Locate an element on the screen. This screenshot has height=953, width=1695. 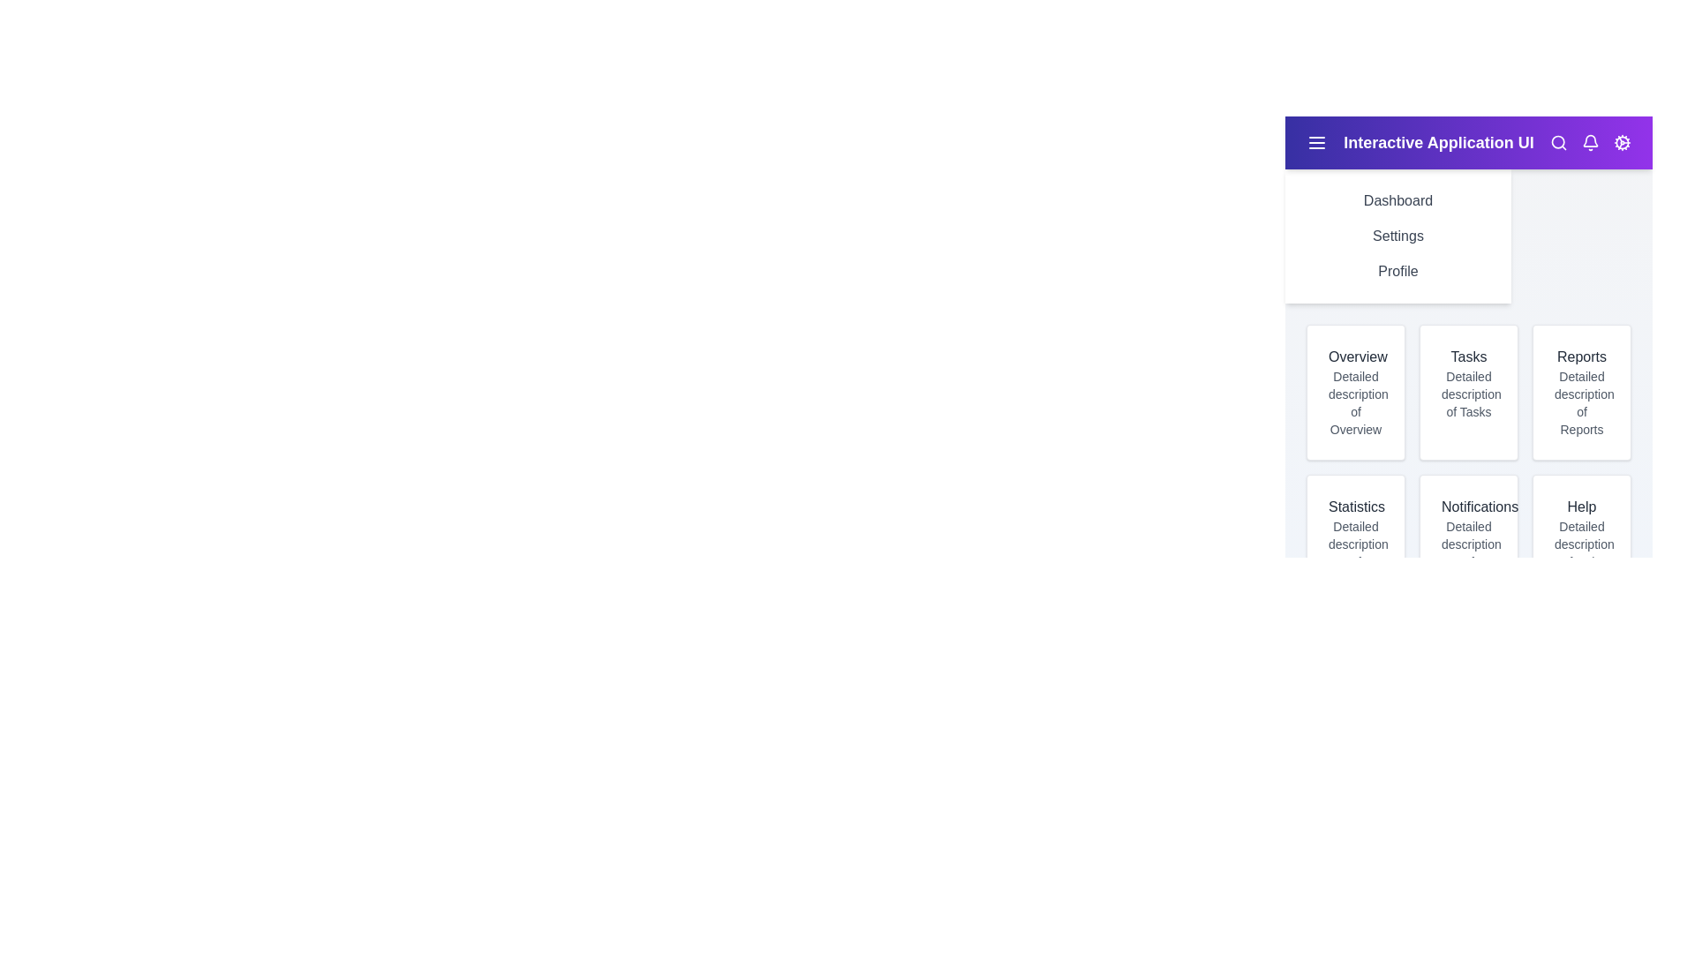
the Help card to interact with its content is located at coordinates (1581, 541).